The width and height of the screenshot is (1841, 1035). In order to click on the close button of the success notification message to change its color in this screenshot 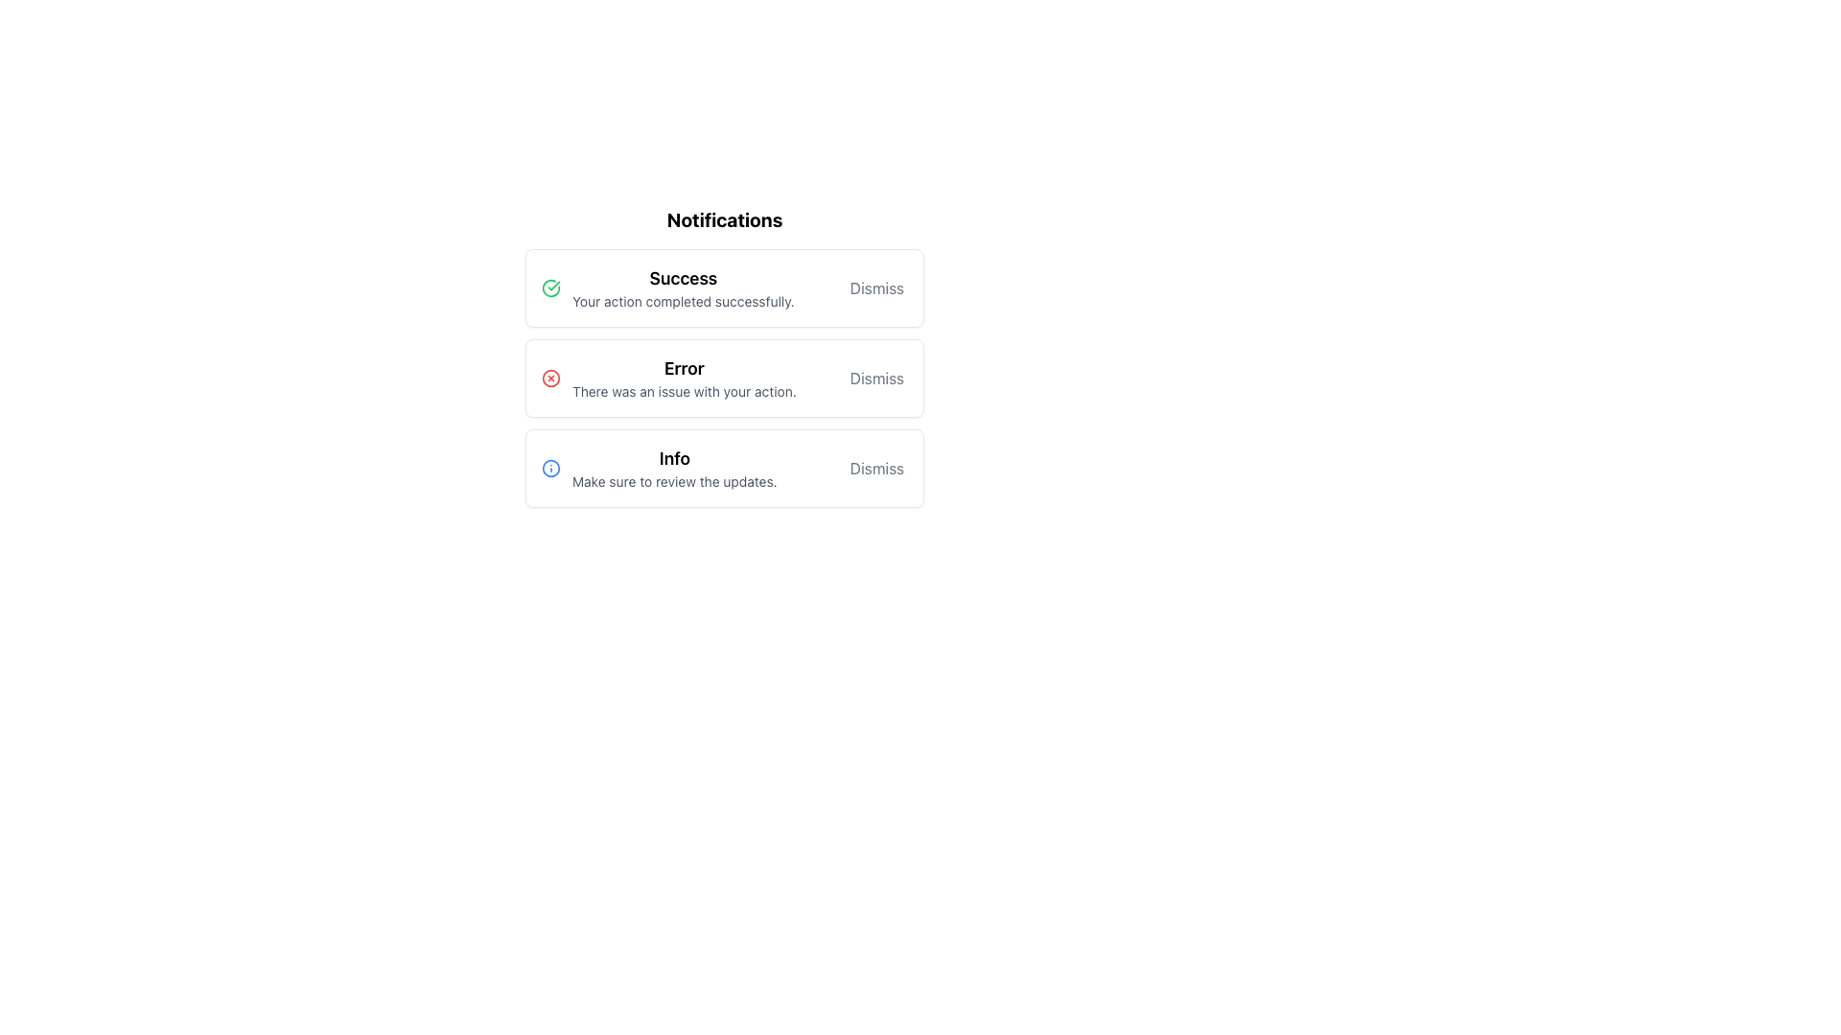, I will do `click(875, 287)`.